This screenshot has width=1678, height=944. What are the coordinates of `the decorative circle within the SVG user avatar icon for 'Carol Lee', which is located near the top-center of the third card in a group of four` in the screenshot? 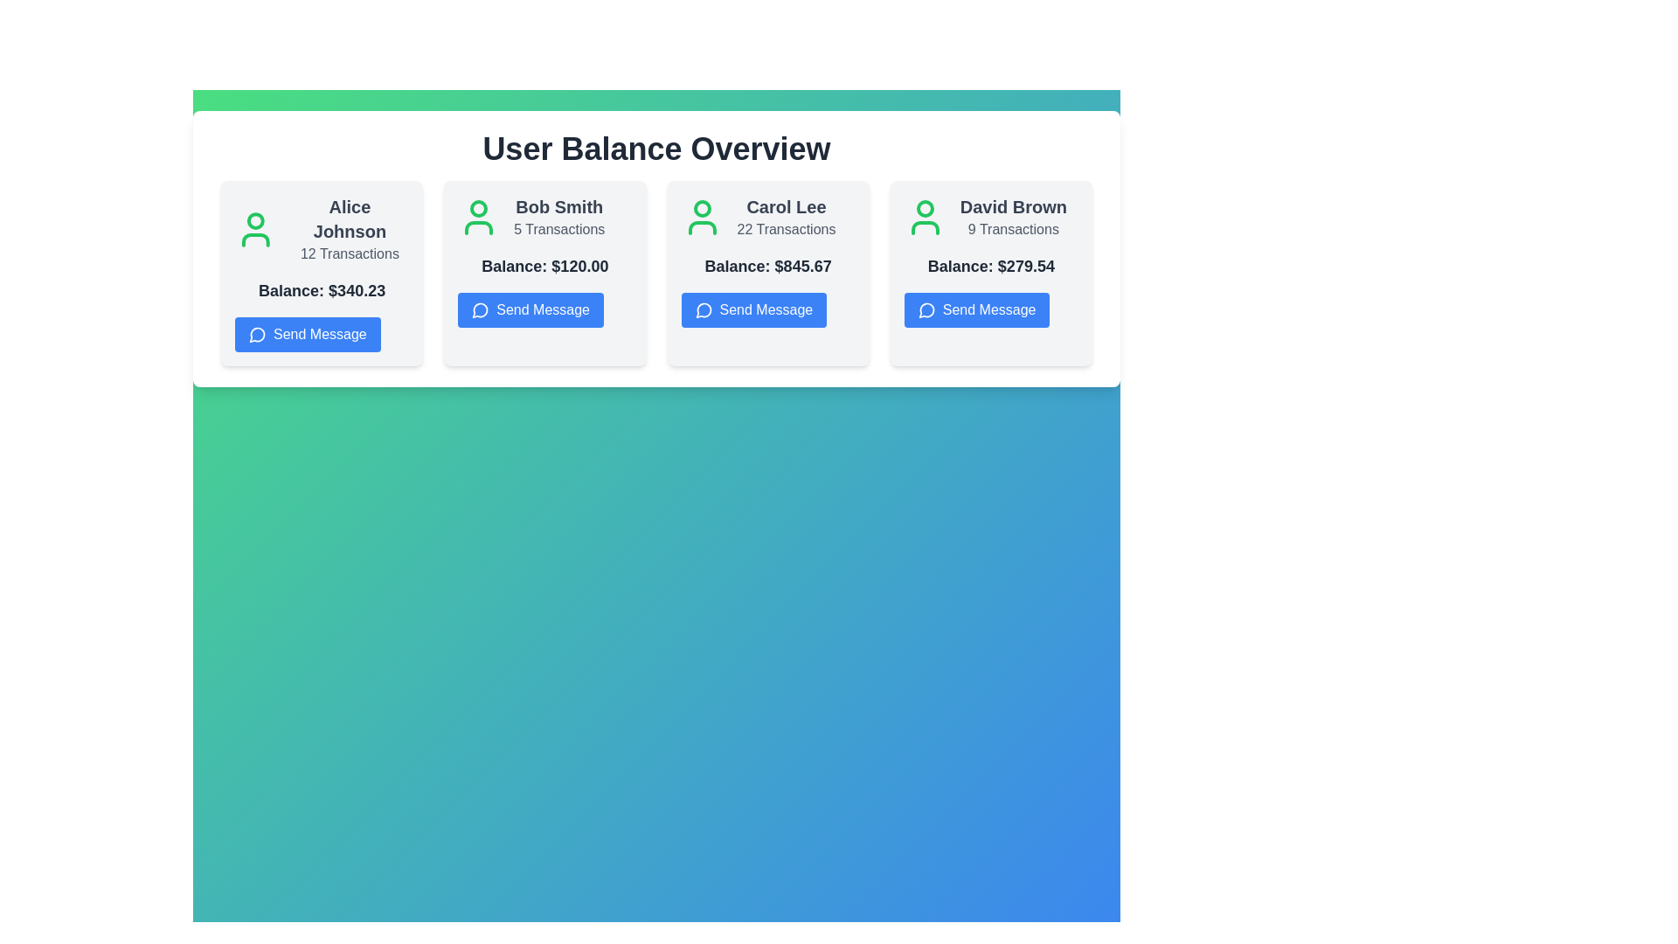 It's located at (702, 208).